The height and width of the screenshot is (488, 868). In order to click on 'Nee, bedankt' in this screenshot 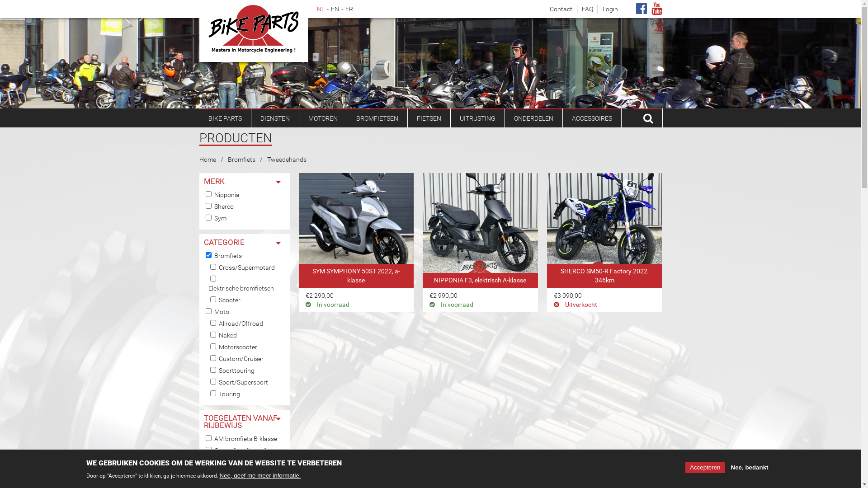, I will do `click(750, 467)`.